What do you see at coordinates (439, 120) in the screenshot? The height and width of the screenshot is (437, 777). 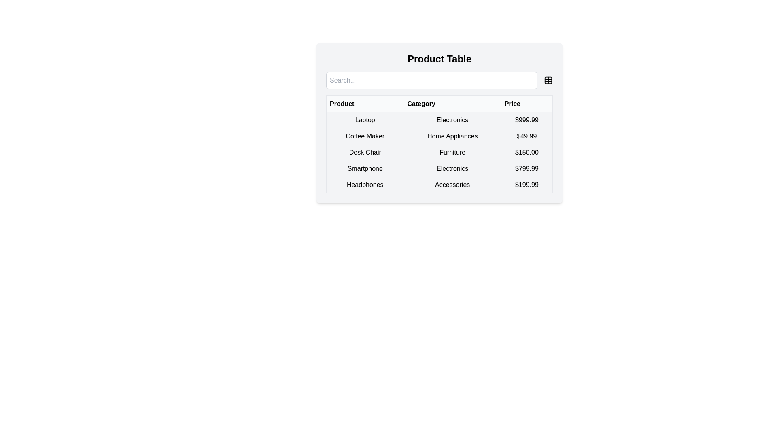 I see `on the first row of the product table containing 'Laptop', 'Electronics', and '$999.99'` at bounding box center [439, 120].